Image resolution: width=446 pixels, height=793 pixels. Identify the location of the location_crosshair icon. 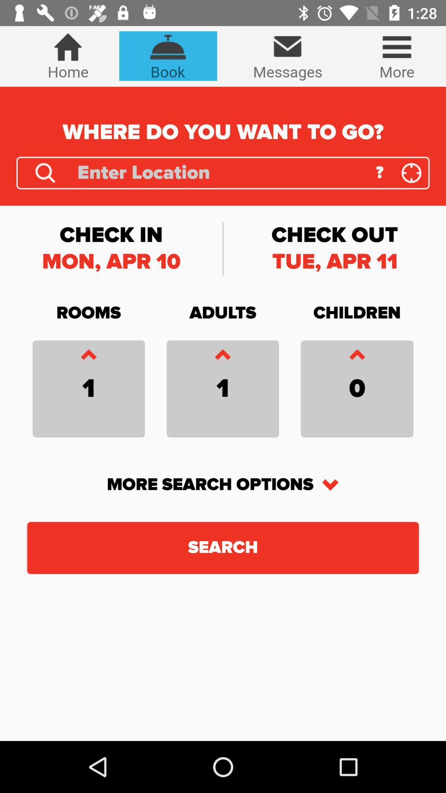
(411, 172).